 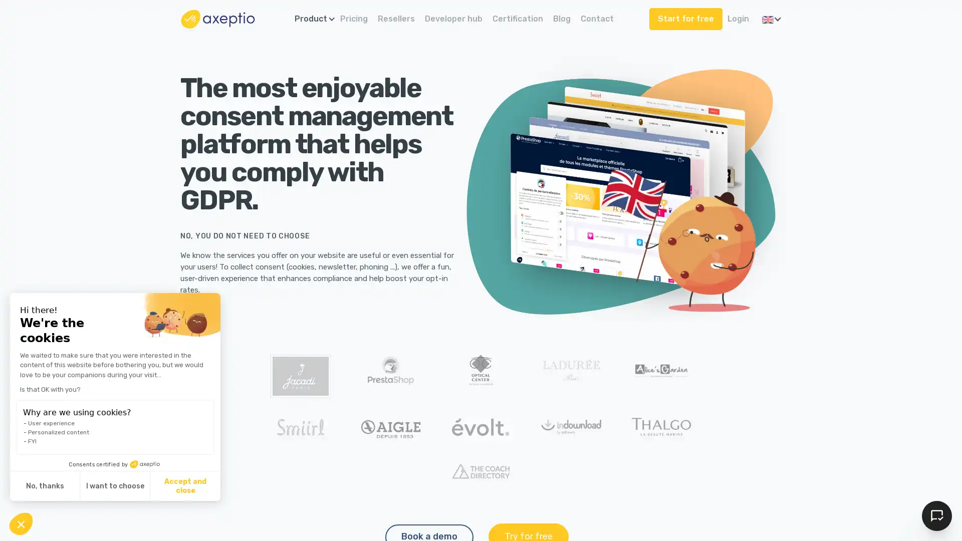 I want to click on I want to choose, so click(x=115, y=485).